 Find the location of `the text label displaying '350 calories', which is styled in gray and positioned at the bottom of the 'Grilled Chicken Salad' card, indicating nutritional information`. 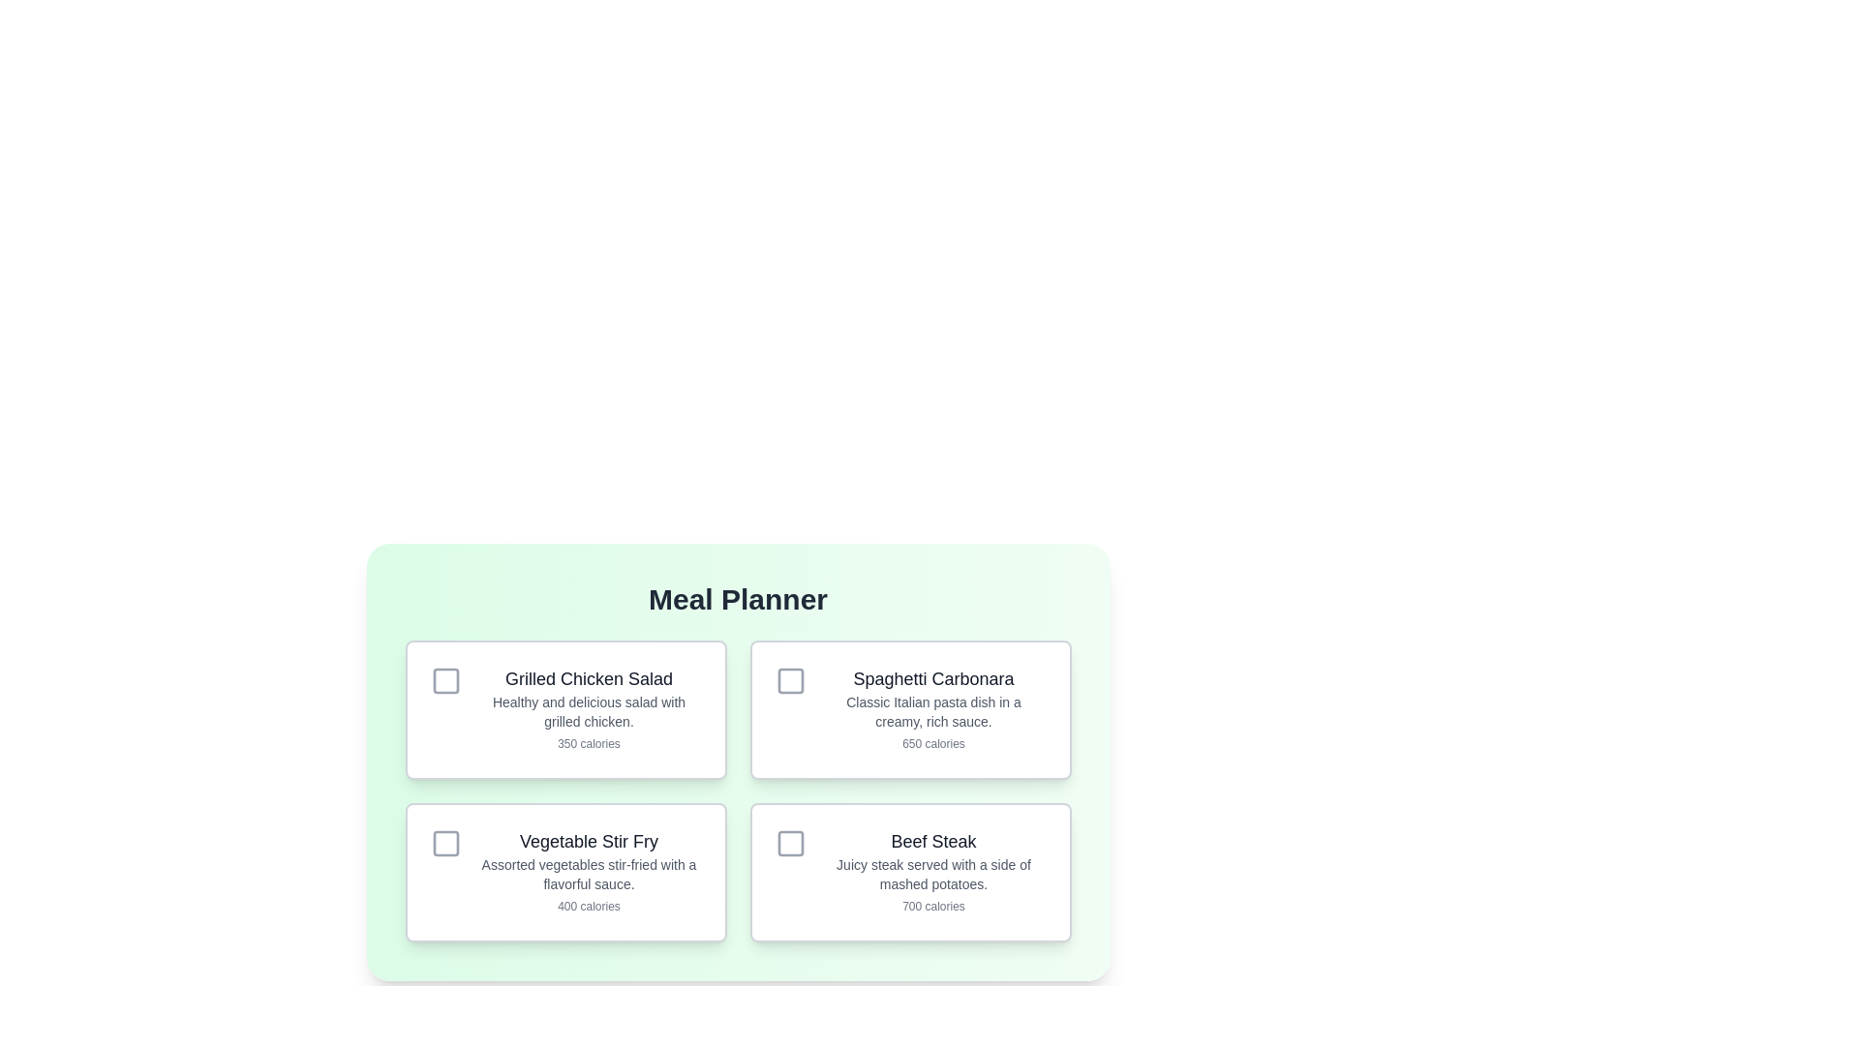

the text label displaying '350 calories', which is styled in gray and positioned at the bottom of the 'Grilled Chicken Salad' card, indicating nutritional information is located at coordinates (588, 742).